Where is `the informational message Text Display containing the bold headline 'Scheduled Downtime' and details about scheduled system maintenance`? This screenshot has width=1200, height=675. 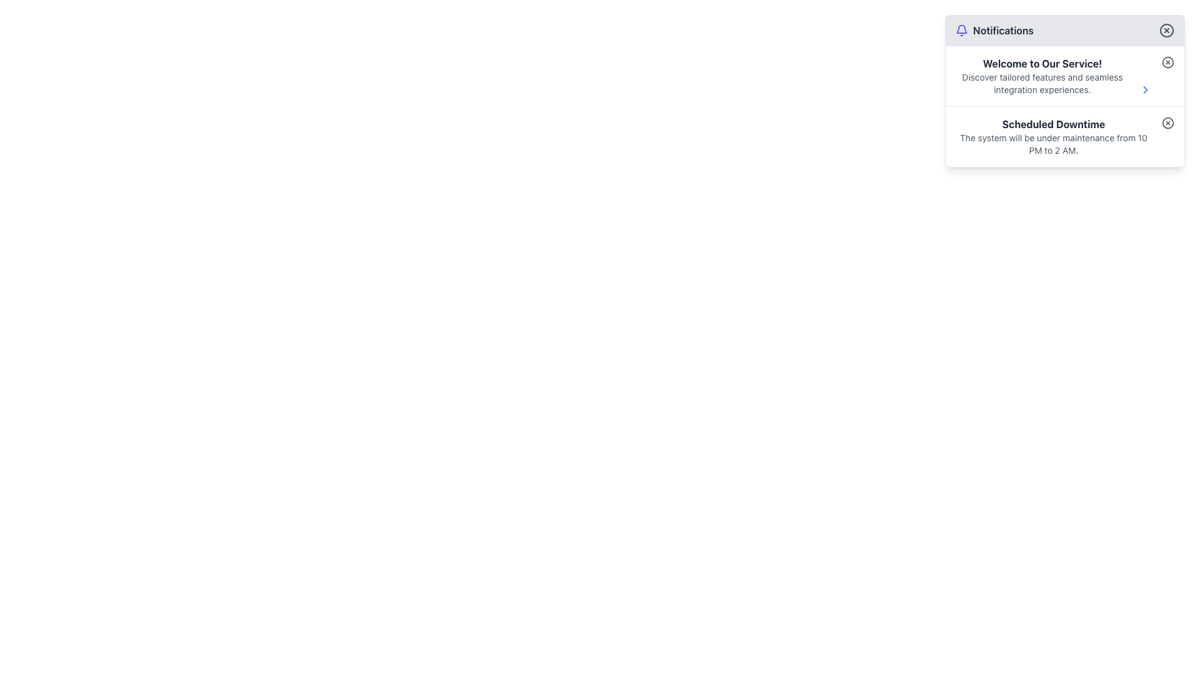
the informational message Text Display containing the bold headline 'Scheduled Downtime' and details about scheduled system maintenance is located at coordinates (1052, 137).